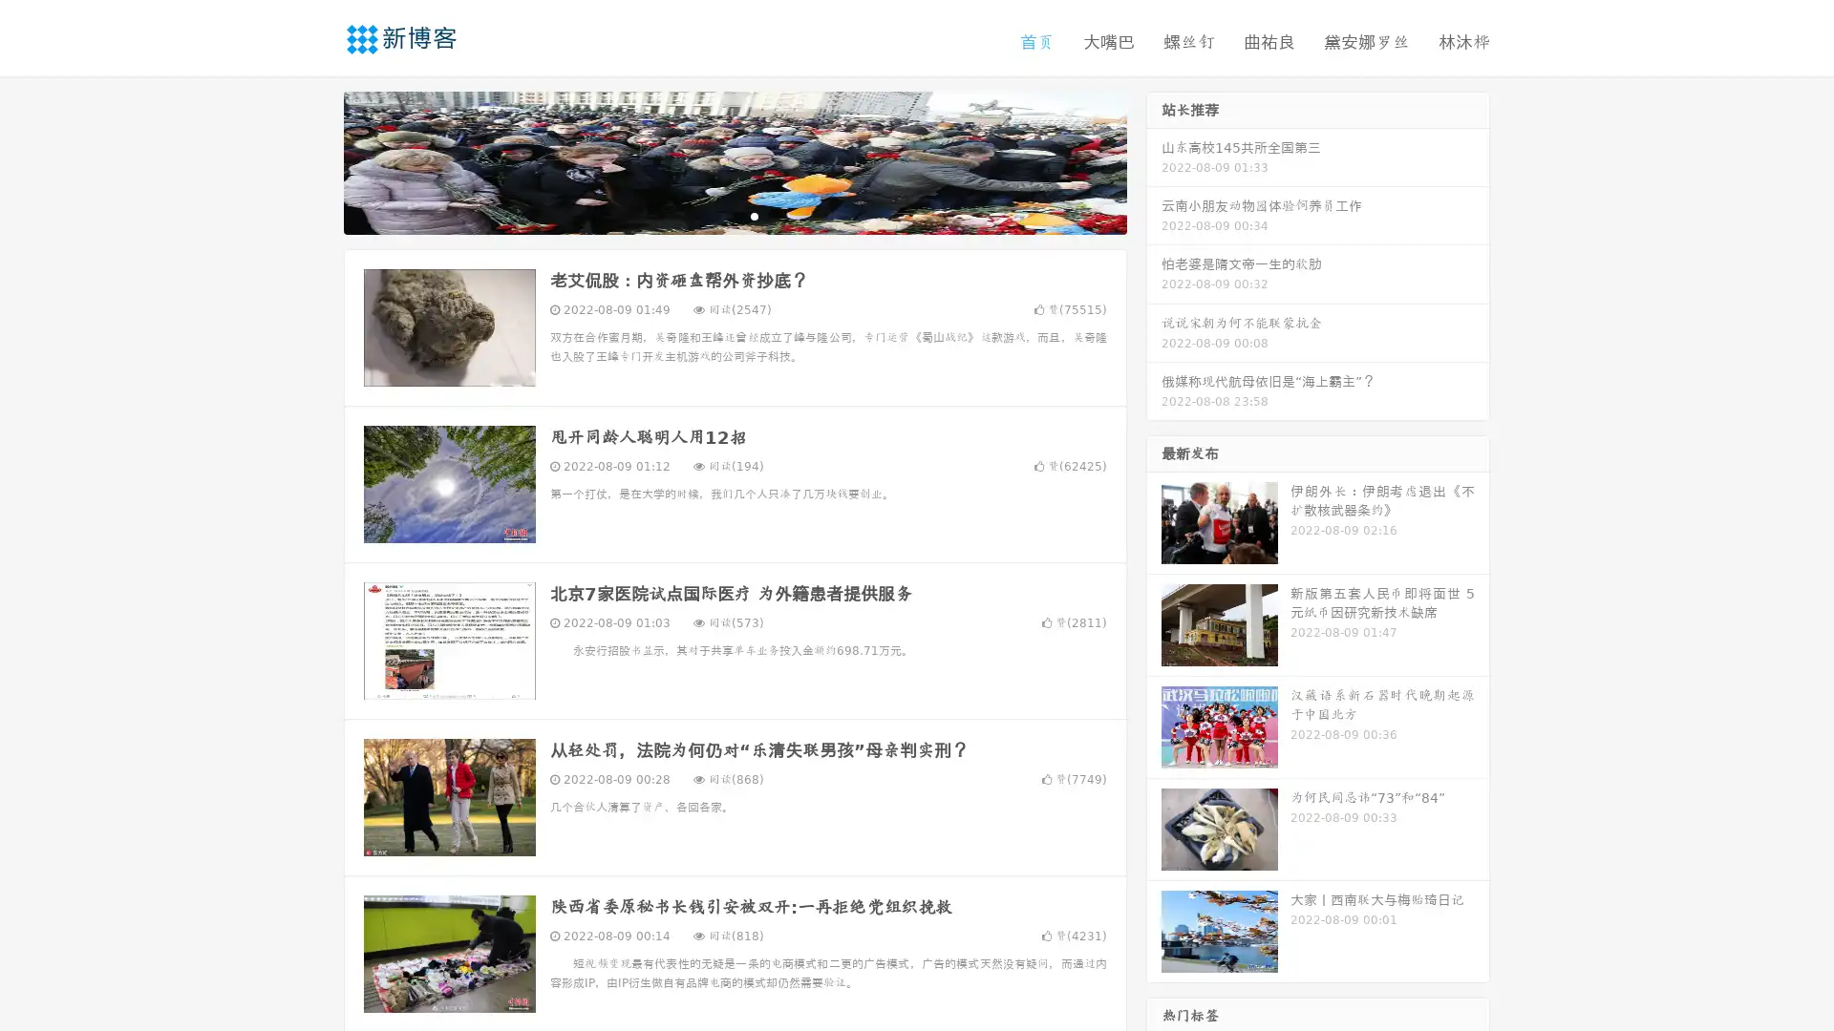 The width and height of the screenshot is (1834, 1031). I want to click on Go to slide 1, so click(714, 215).